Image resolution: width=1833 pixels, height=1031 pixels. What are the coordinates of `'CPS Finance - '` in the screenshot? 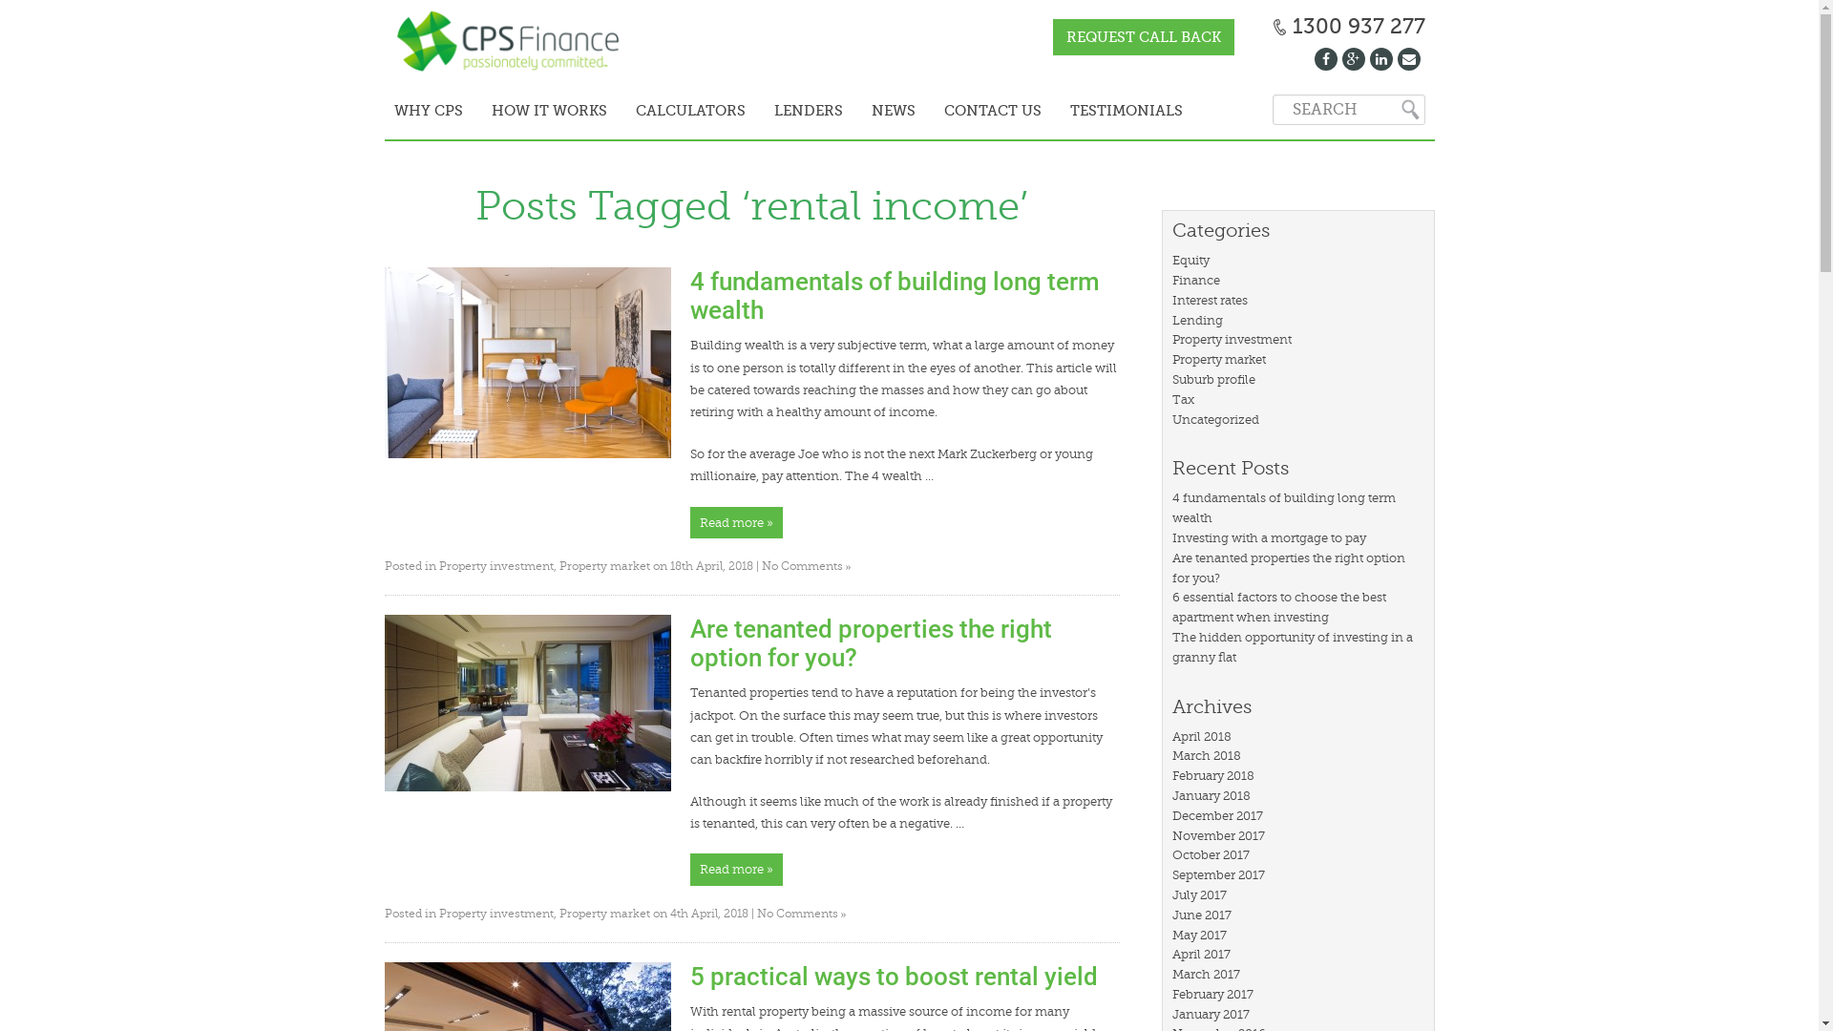 It's located at (513, 43).